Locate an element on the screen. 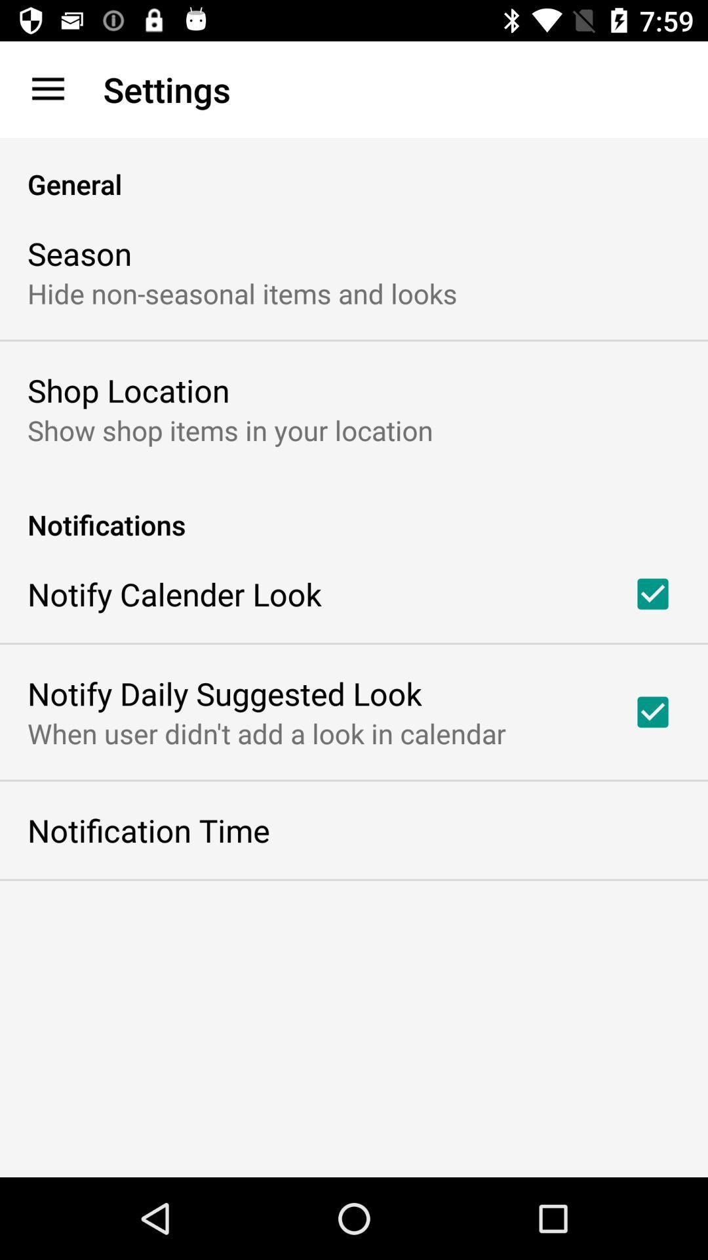 The width and height of the screenshot is (708, 1260). item below shop location is located at coordinates (229, 430).